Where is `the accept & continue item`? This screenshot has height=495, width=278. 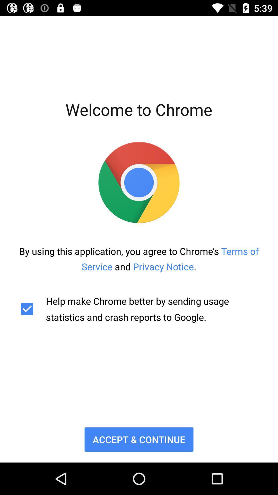 the accept & continue item is located at coordinates (139, 439).